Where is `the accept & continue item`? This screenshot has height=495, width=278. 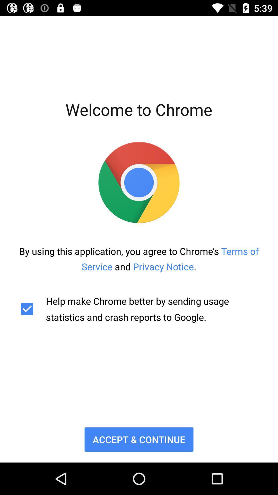 the accept & continue item is located at coordinates (139, 439).